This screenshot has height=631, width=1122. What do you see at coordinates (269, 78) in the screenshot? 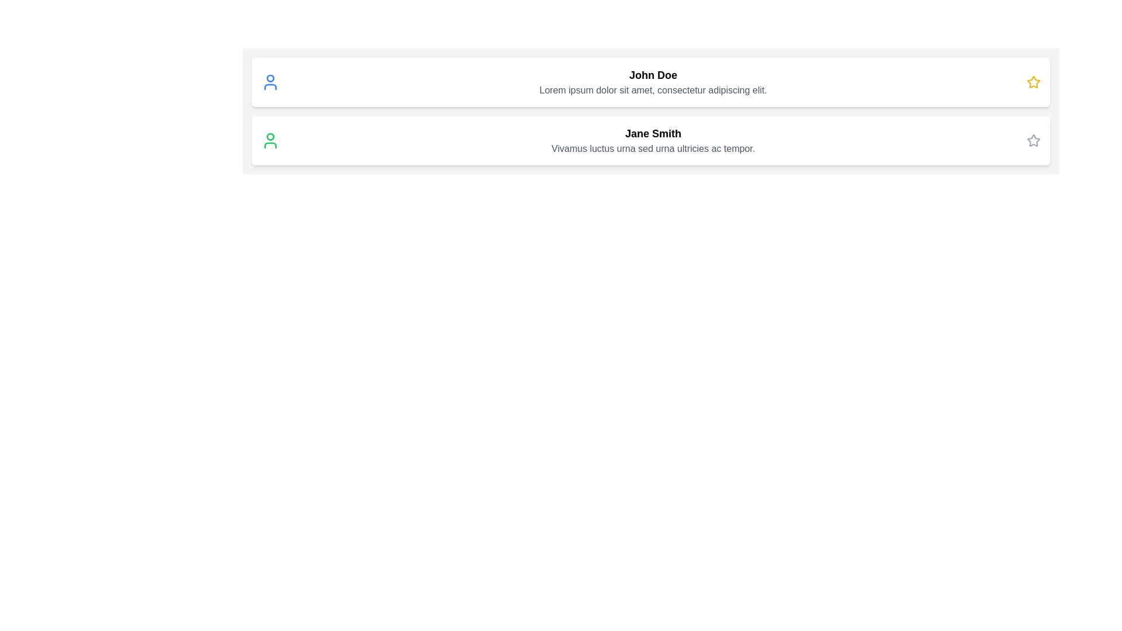
I see `the small circular shape within the user icon that is styled with a blue stroke color, positioned to the left of 'John Doe'` at bounding box center [269, 78].